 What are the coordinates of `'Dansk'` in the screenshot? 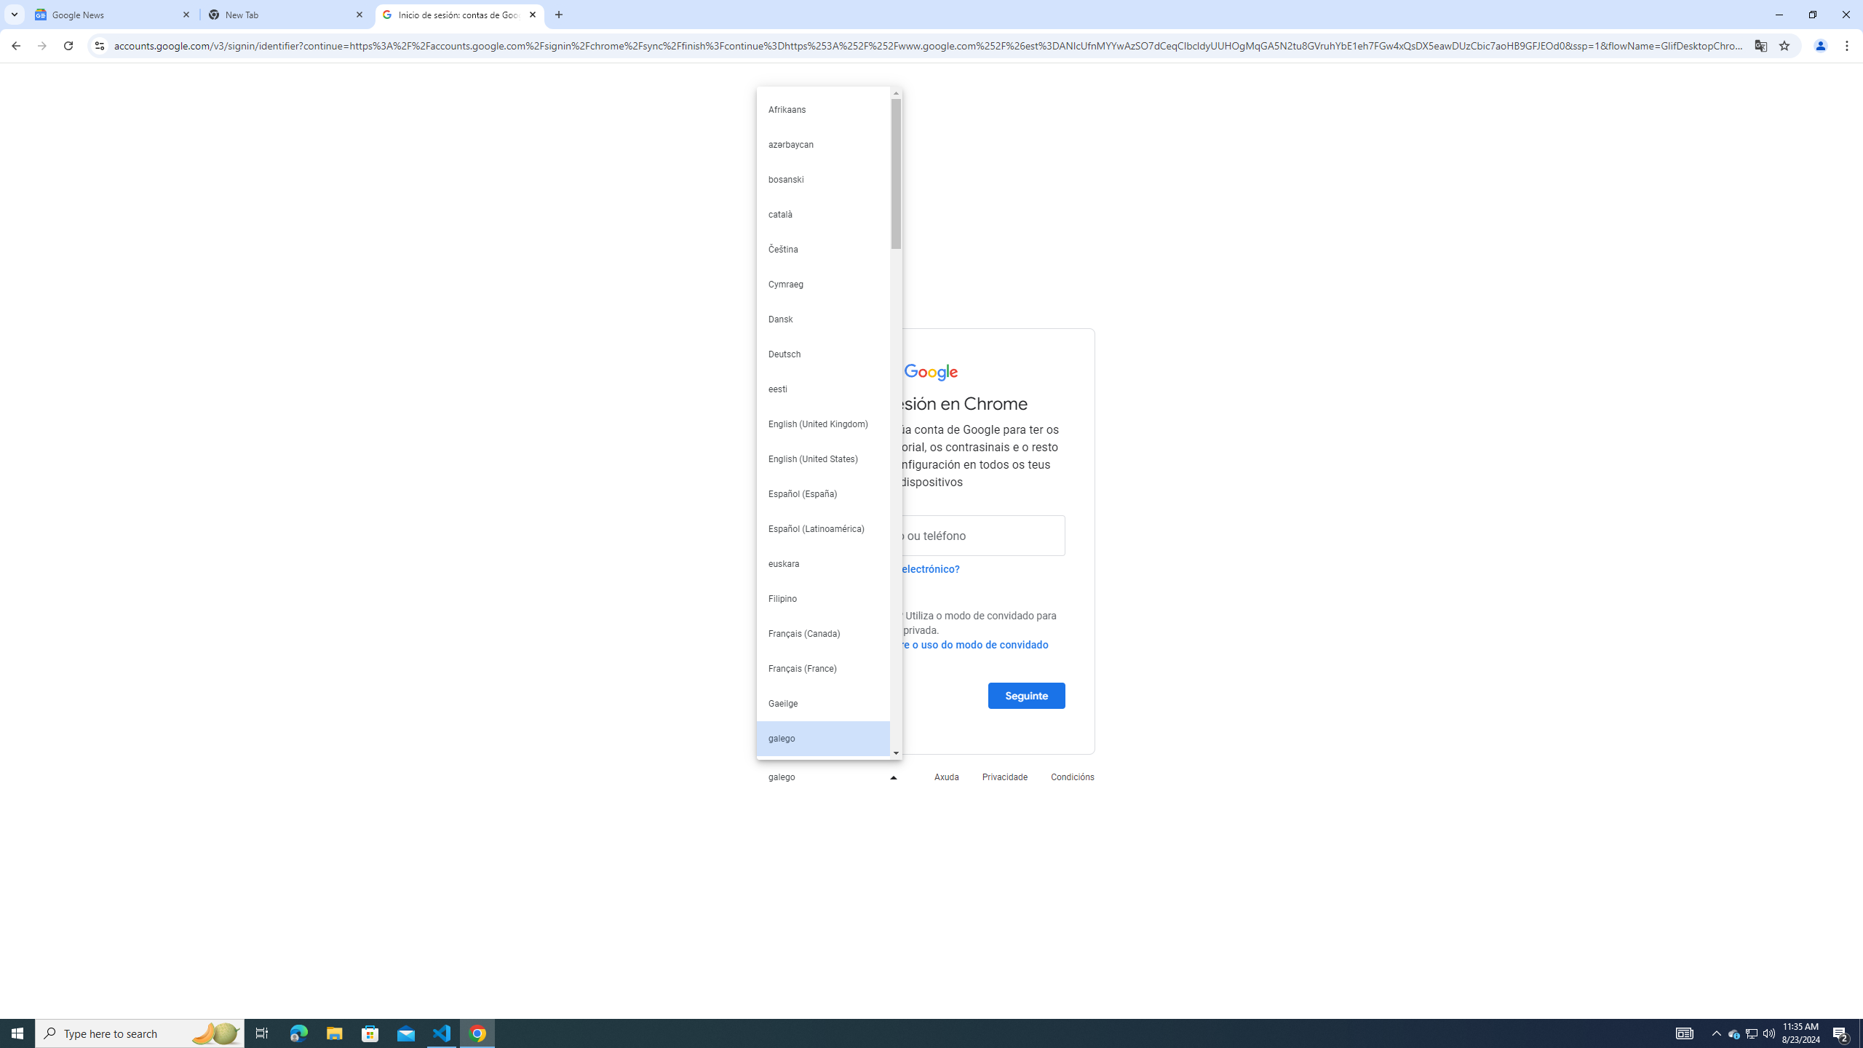 It's located at (822, 319).